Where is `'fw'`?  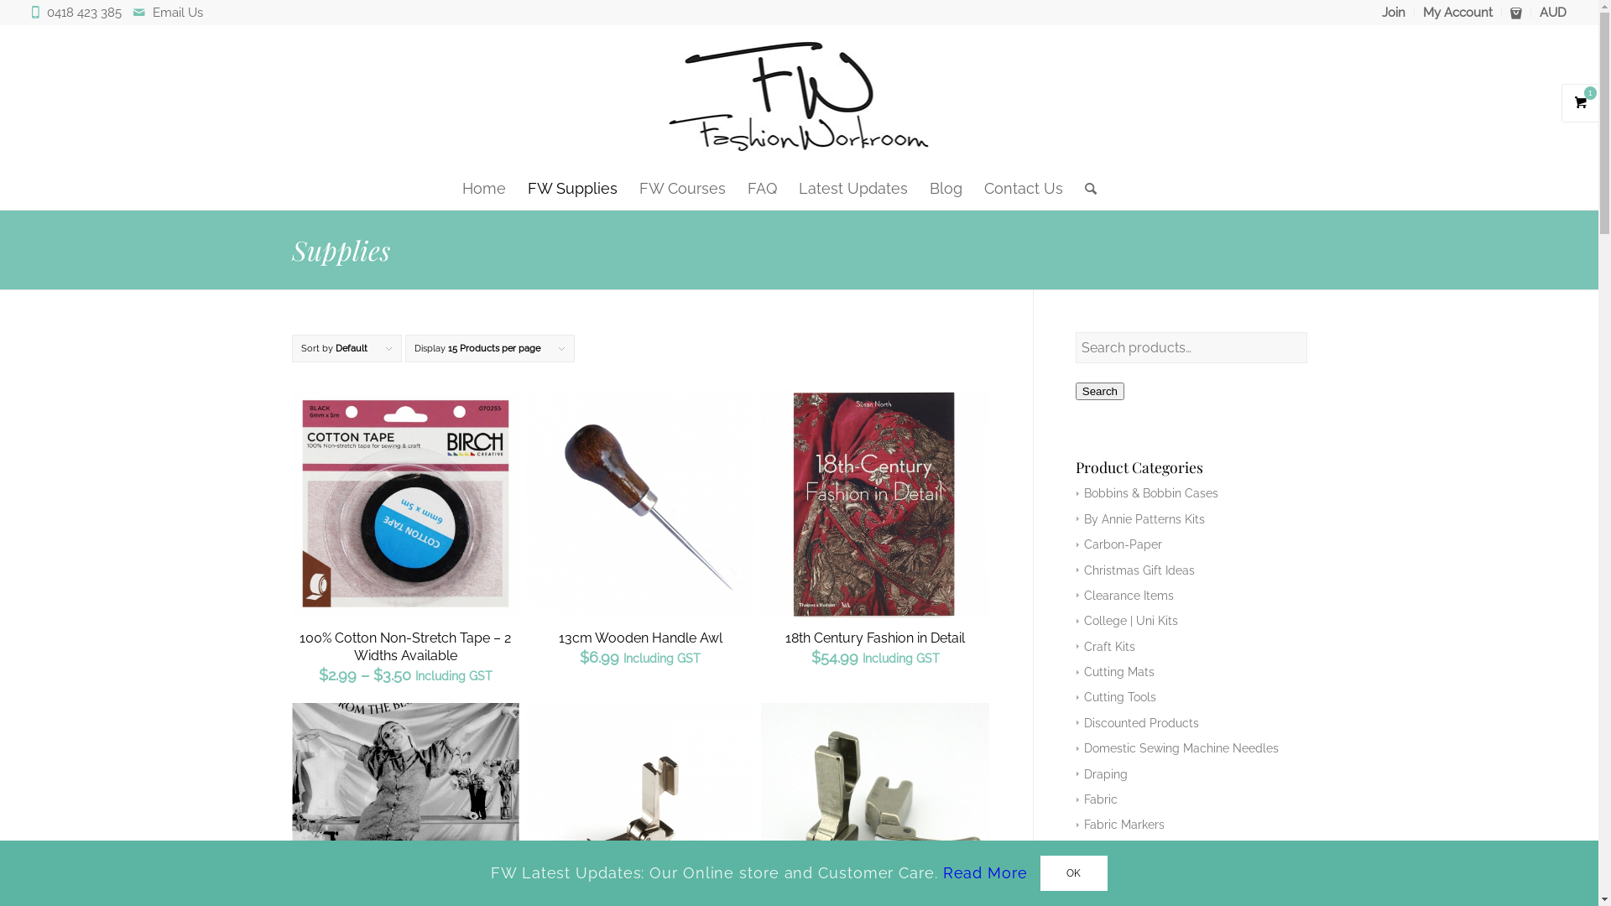
'fw' is located at coordinates (798, 96).